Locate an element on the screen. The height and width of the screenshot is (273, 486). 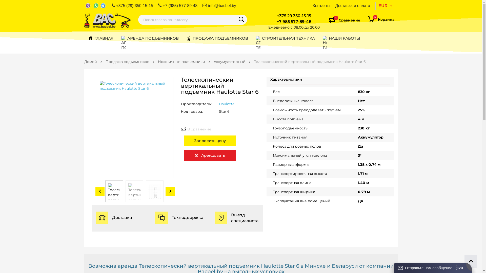
'Viber' is located at coordinates (88, 6).